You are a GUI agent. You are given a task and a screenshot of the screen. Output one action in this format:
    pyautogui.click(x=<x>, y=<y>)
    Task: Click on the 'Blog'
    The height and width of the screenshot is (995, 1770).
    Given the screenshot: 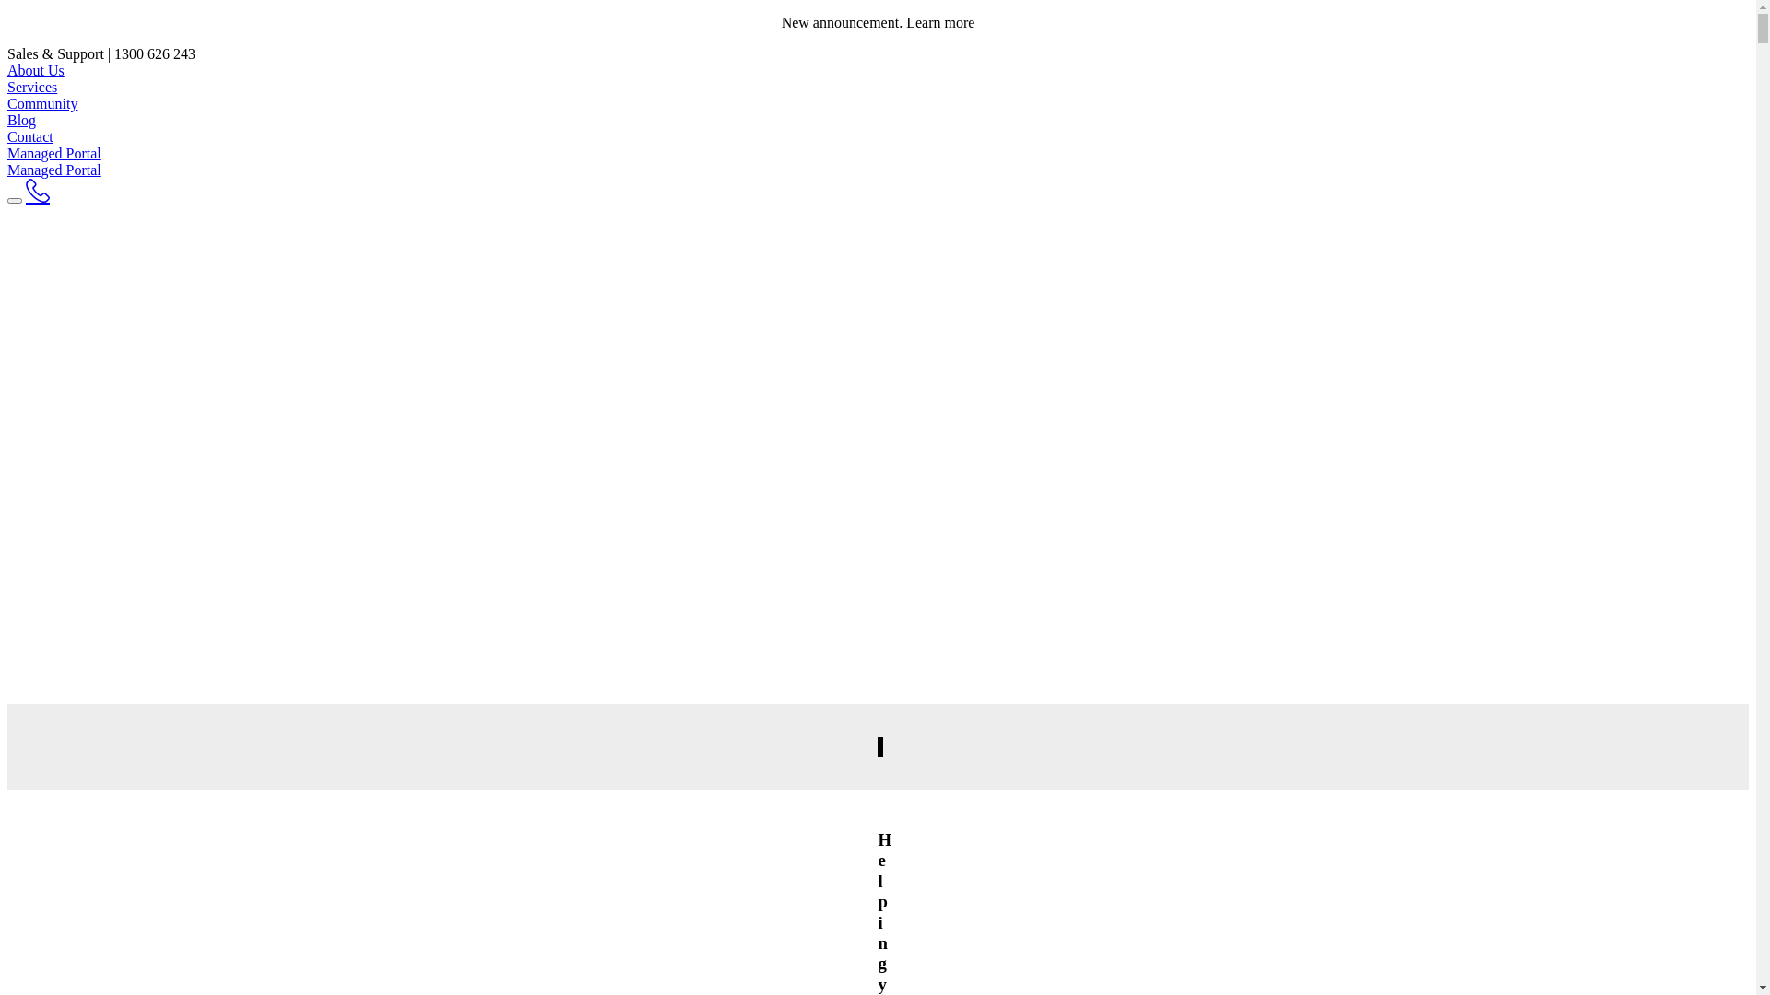 What is the action you would take?
    pyautogui.click(x=21, y=120)
    